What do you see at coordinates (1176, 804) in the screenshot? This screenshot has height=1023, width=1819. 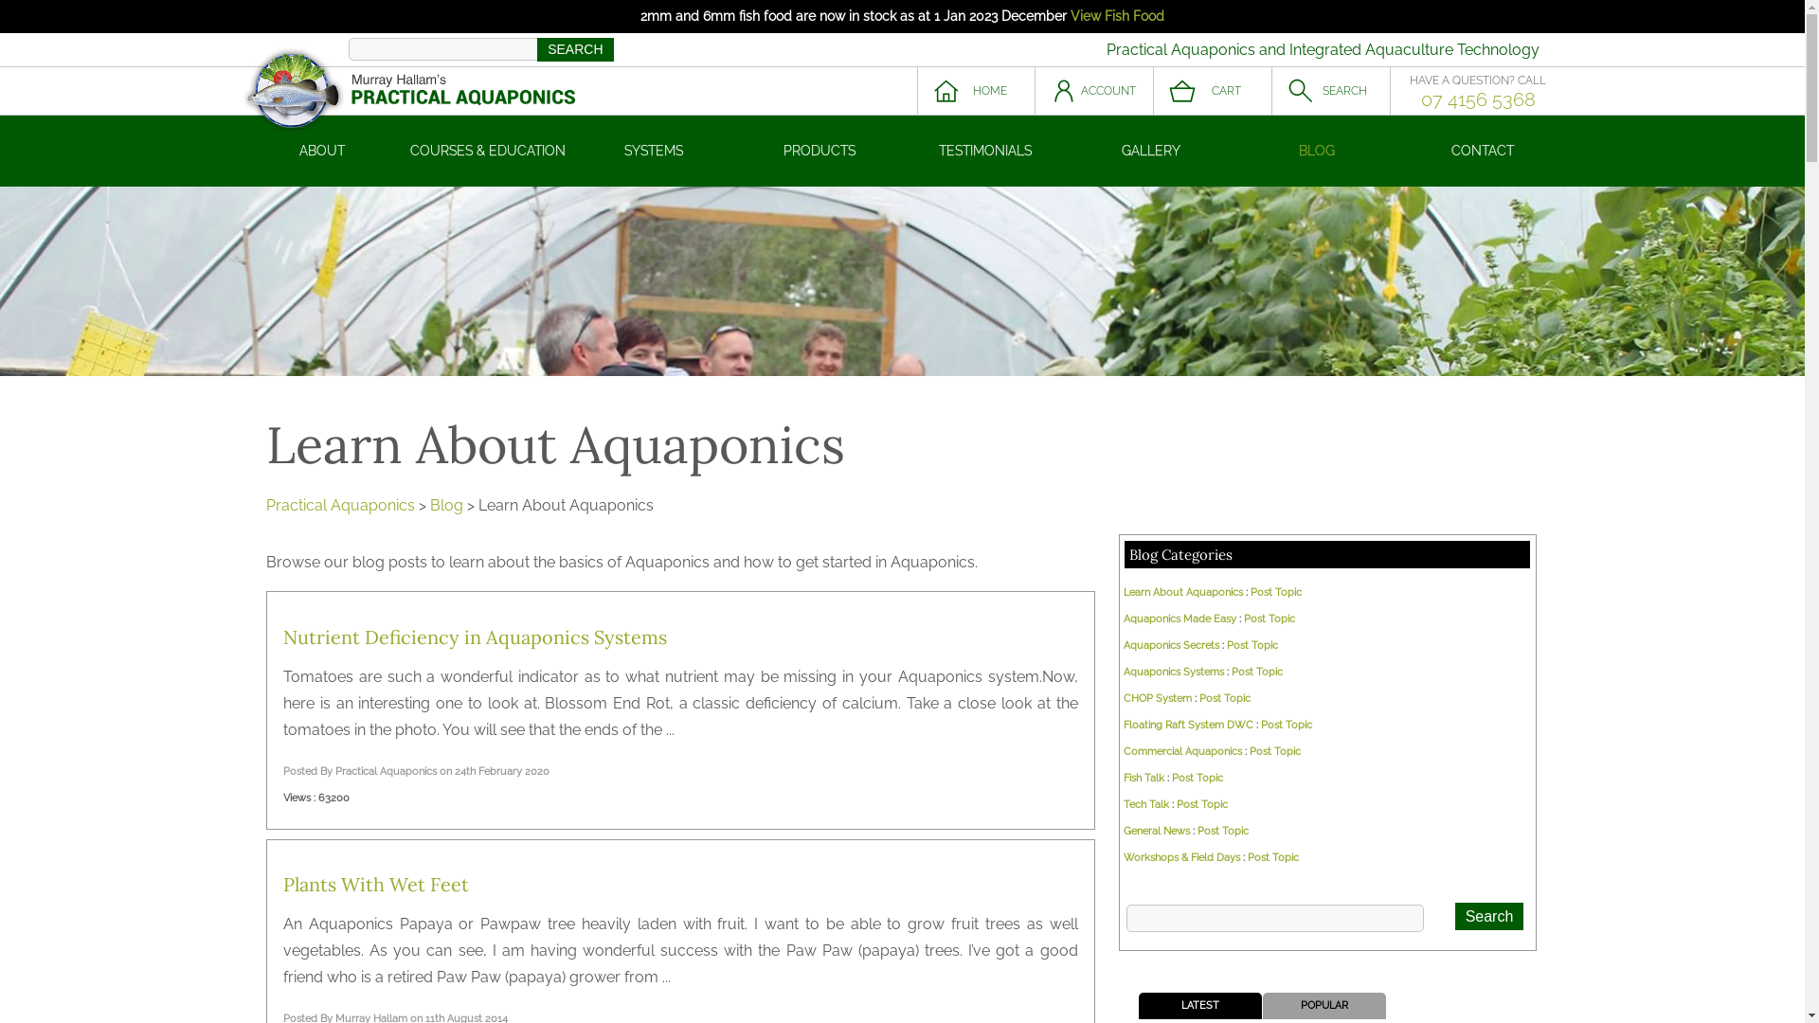 I see `'Post Topic'` at bounding box center [1176, 804].